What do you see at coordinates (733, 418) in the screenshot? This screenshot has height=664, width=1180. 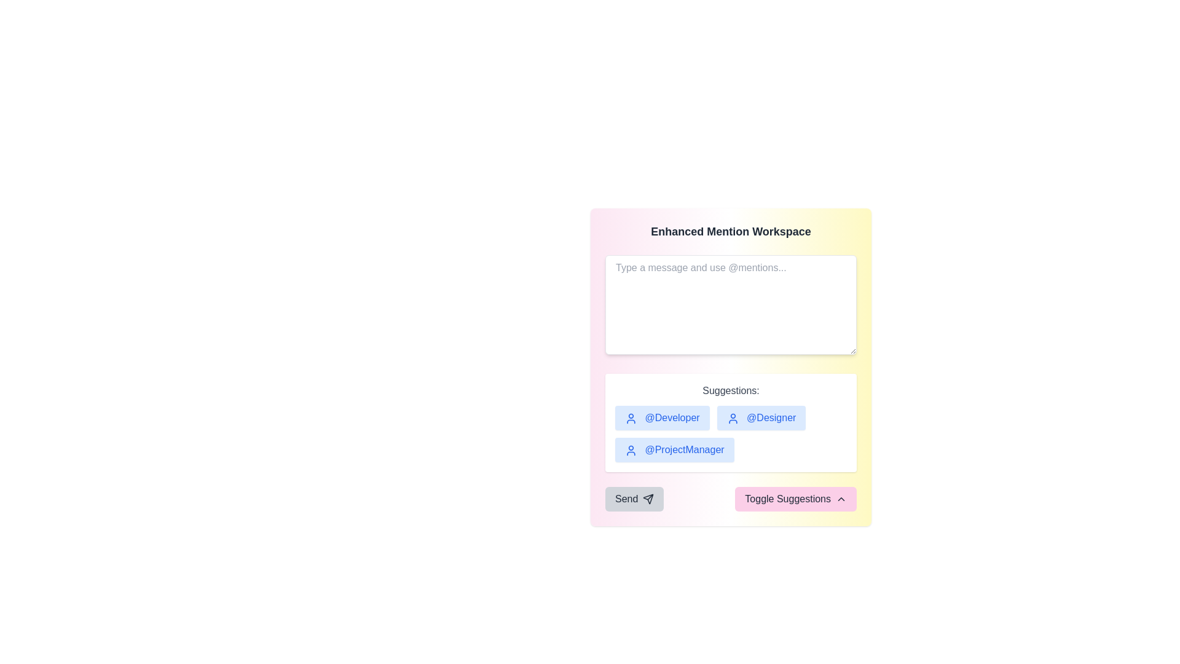 I see `the user profile icon located to the left of the '@Designer' label in the 'Suggestions' section, which visually represents a user profile` at bounding box center [733, 418].